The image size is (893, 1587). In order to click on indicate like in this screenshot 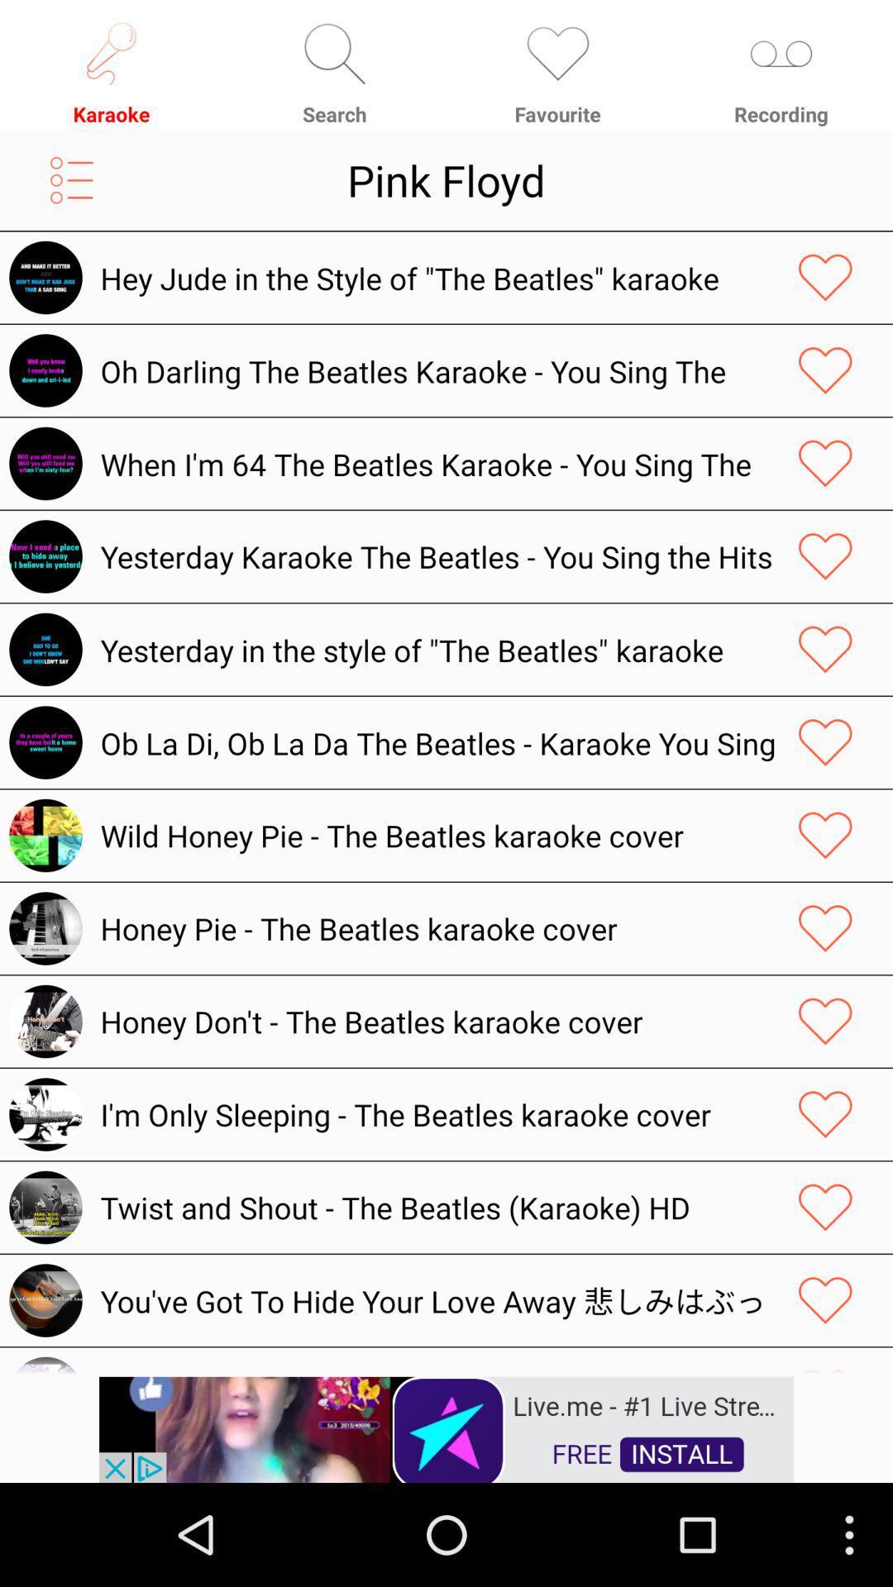, I will do `click(825, 1114)`.